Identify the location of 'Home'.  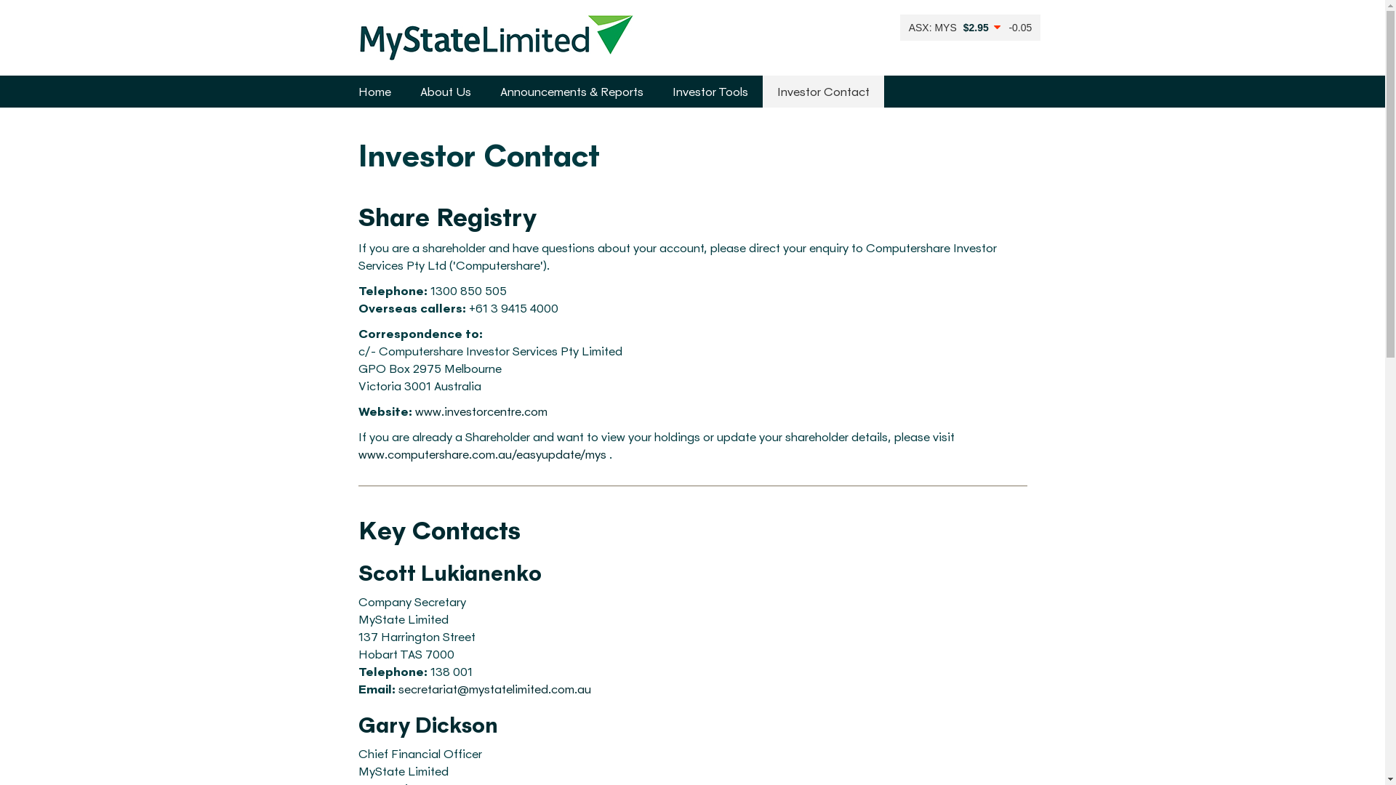
(374, 92).